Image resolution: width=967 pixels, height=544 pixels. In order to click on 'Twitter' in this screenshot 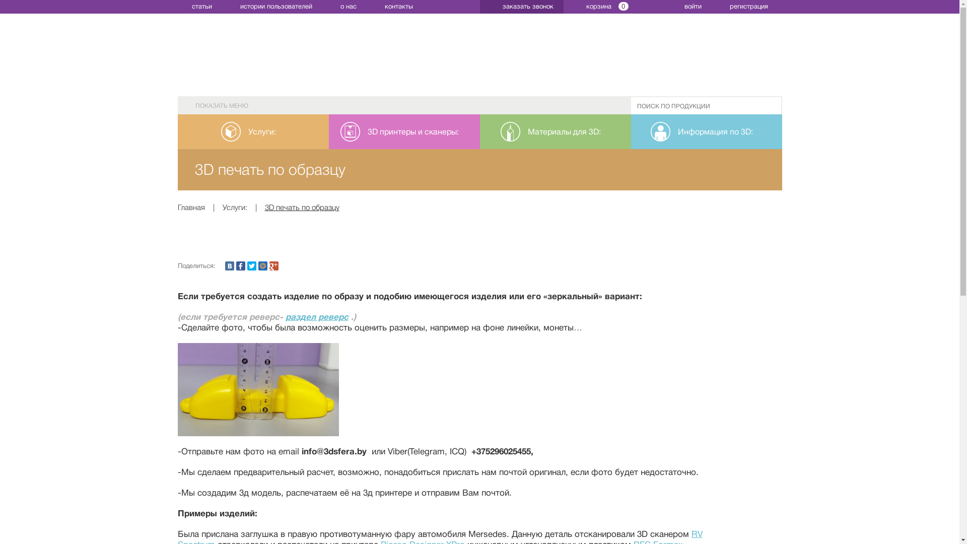, I will do `click(251, 265)`.